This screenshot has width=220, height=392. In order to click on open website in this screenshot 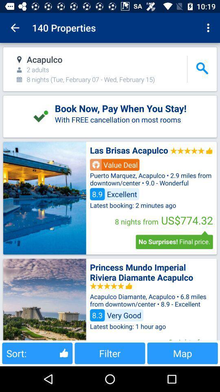, I will do `click(44, 198)`.